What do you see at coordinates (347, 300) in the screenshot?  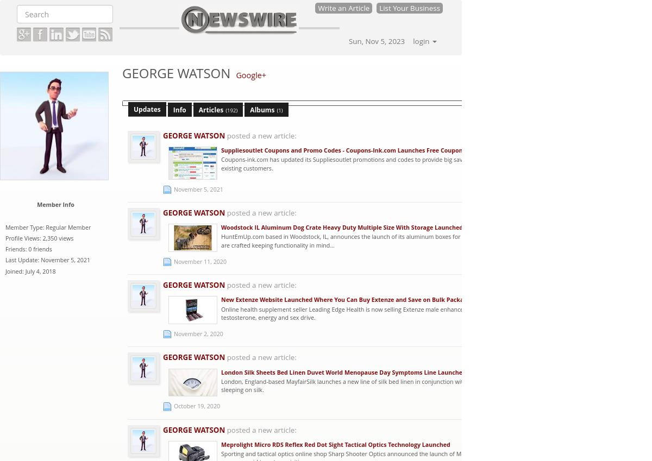 I see `'New Extenze Website Launched Where You Can Buy Extenze and Save on Bulk Packages'` at bounding box center [347, 300].